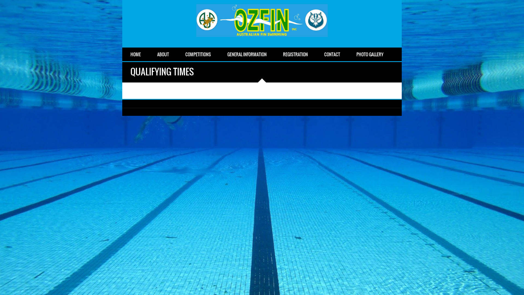 The image size is (524, 295). I want to click on 'PHOTO GALLERY', so click(348, 54).